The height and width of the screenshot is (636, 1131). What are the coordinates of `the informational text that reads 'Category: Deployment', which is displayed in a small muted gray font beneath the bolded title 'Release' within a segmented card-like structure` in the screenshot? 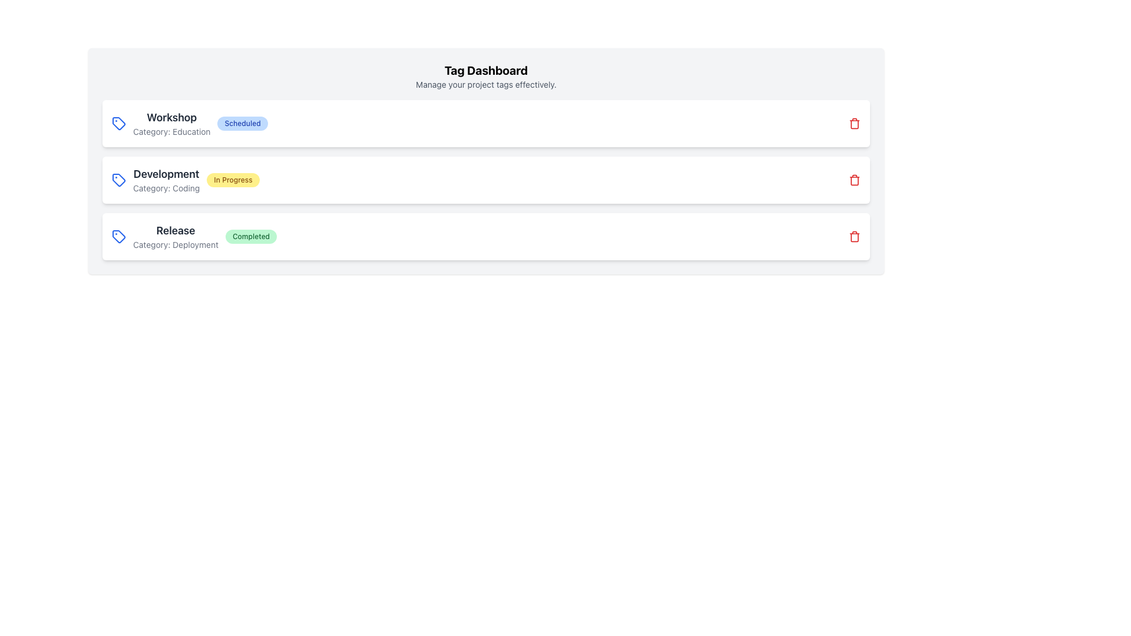 It's located at (175, 244).